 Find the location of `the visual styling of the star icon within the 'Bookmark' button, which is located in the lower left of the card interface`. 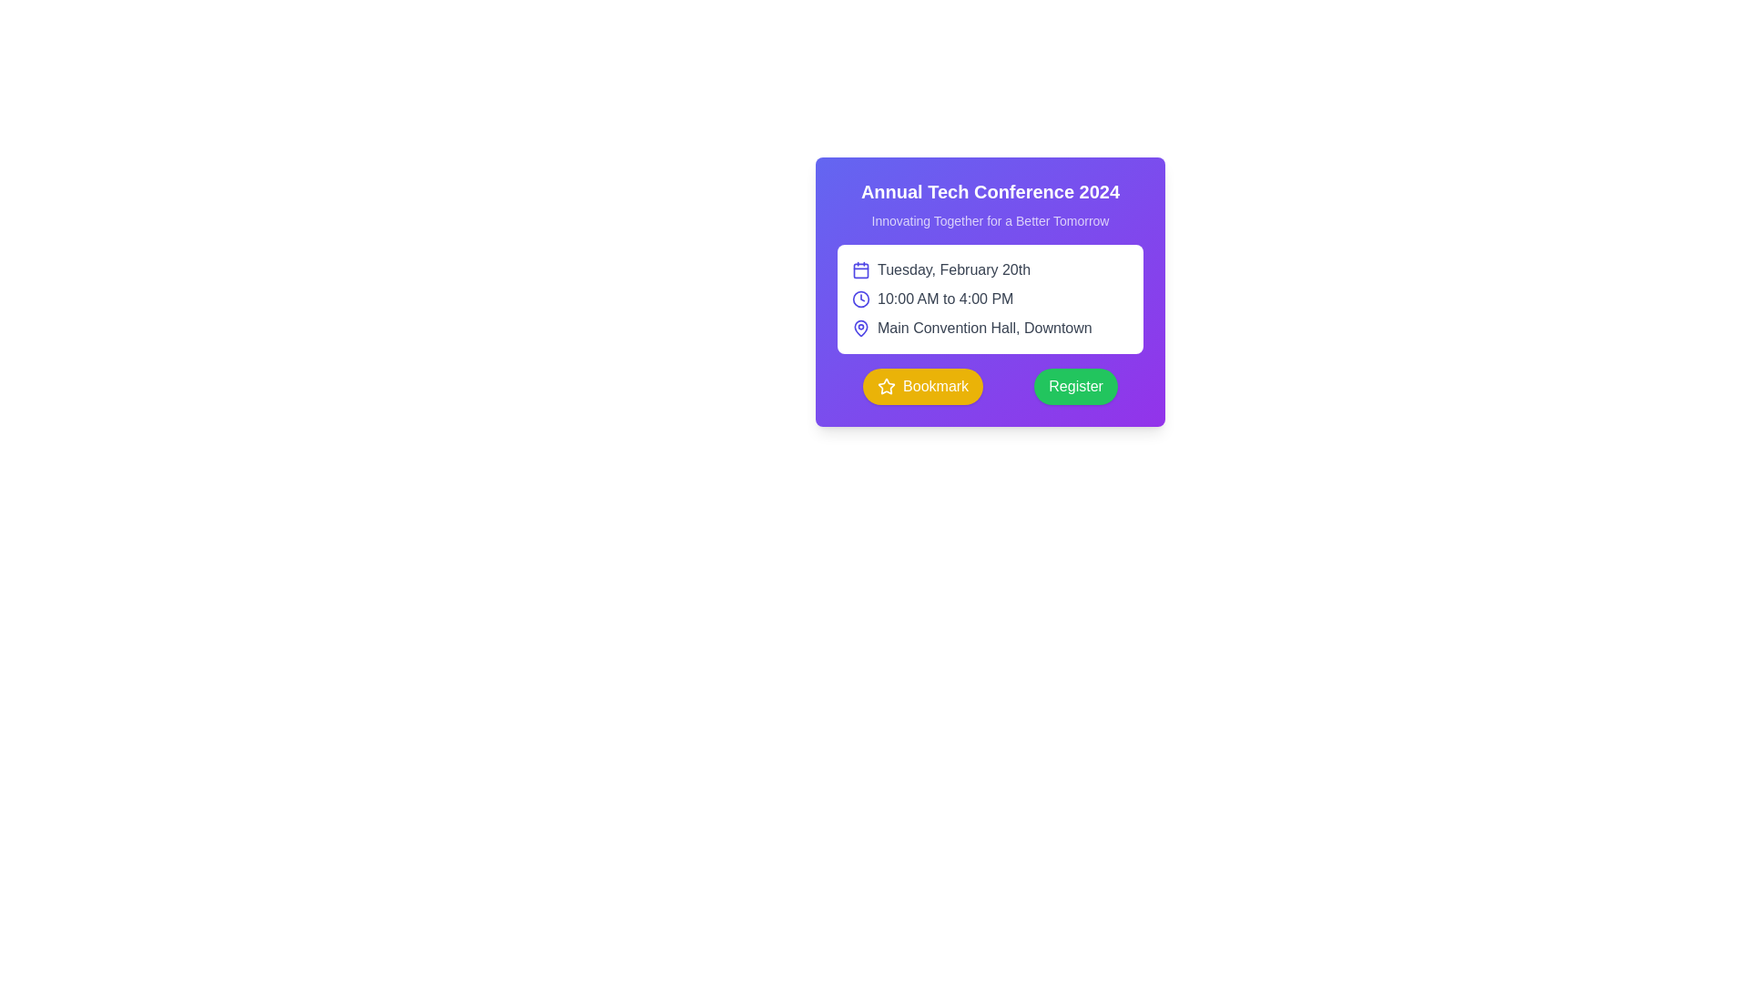

the visual styling of the star icon within the 'Bookmark' button, which is located in the lower left of the card interface is located at coordinates (887, 385).